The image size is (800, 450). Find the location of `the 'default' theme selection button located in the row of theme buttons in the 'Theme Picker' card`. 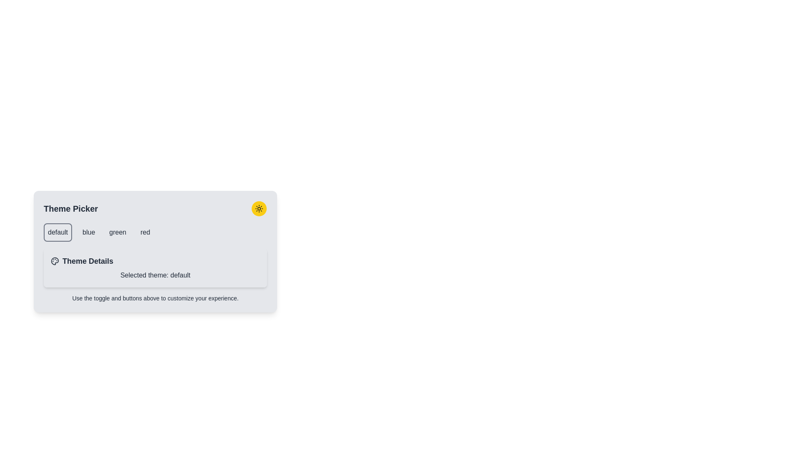

the 'default' theme selection button located in the row of theme buttons in the 'Theme Picker' card is located at coordinates (57, 232).